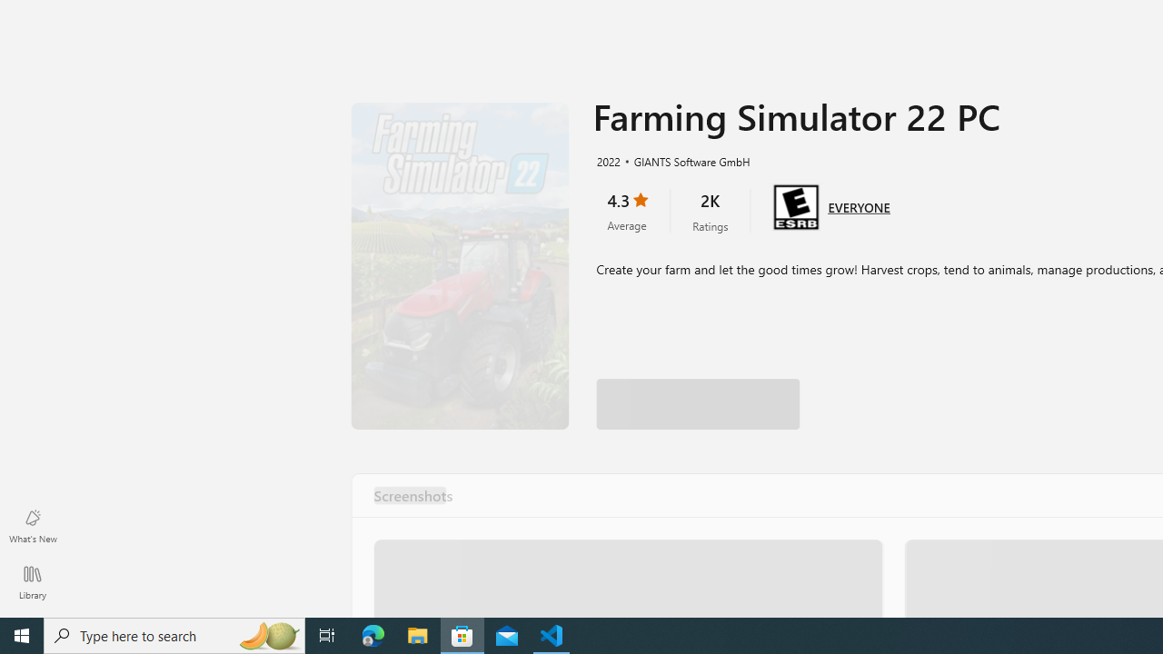 The height and width of the screenshot is (654, 1163). What do you see at coordinates (858, 204) in the screenshot?
I see `'Age rating: EVERYONE. Click for more information.'` at bounding box center [858, 204].